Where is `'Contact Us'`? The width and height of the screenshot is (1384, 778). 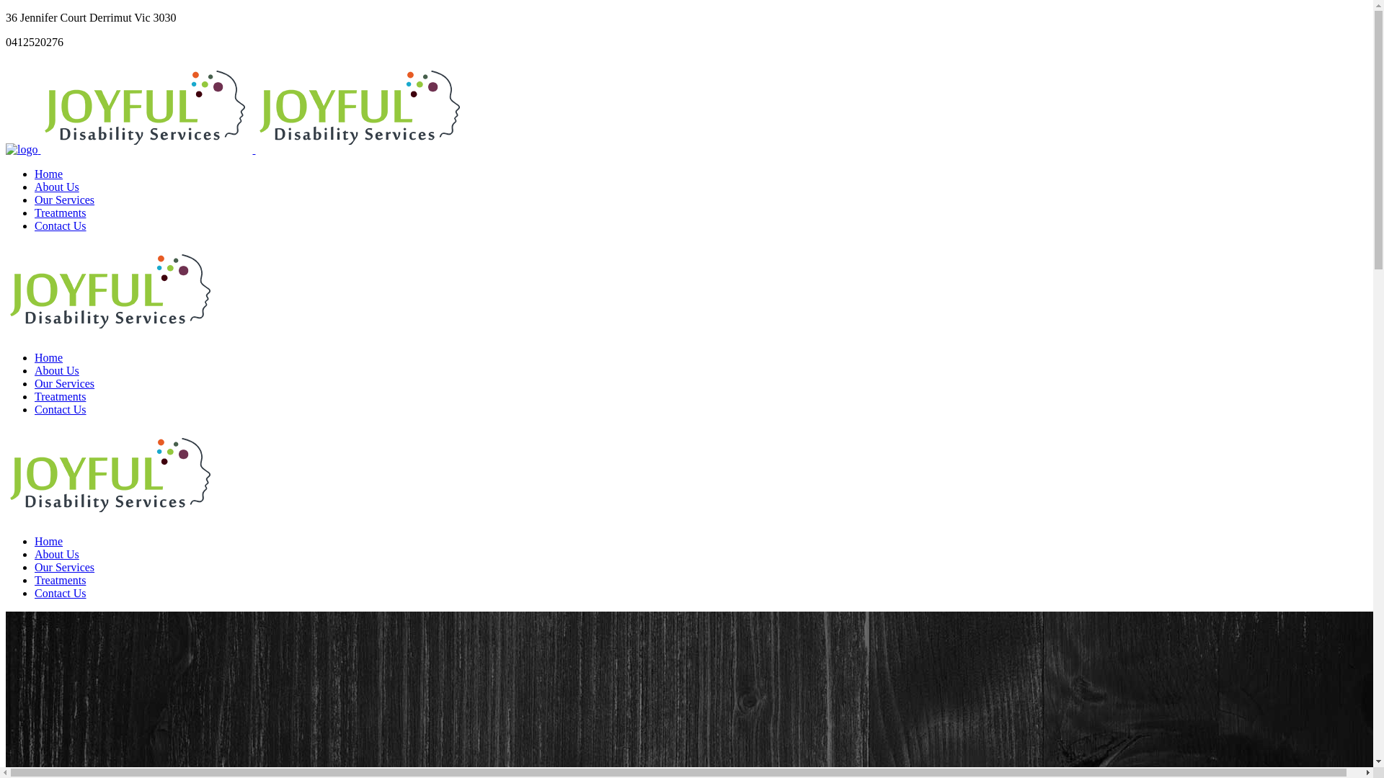
'Contact Us' is located at coordinates (59, 409).